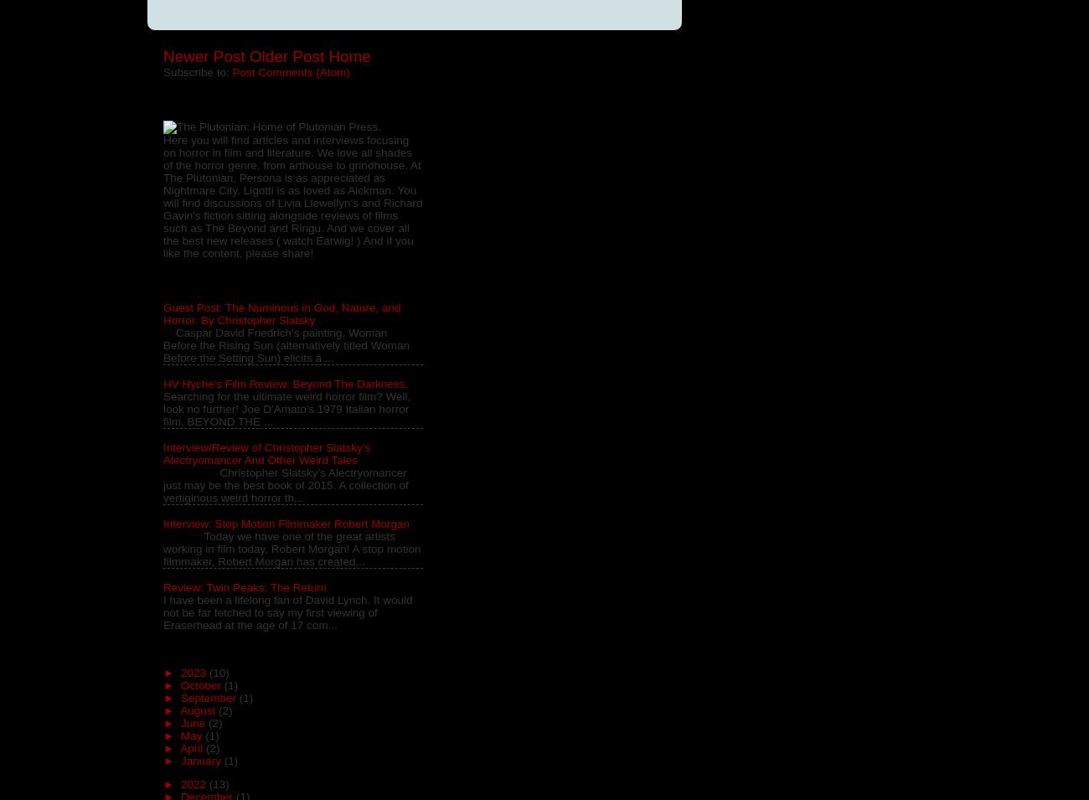 The image size is (1089, 800). What do you see at coordinates (208, 697) in the screenshot?
I see `'September'` at bounding box center [208, 697].